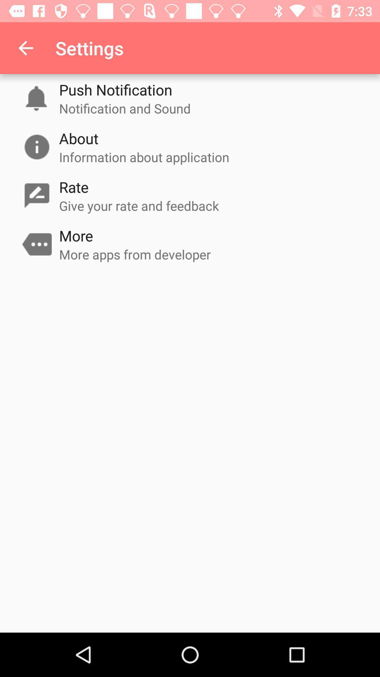 The image size is (380, 677). What do you see at coordinates (115, 89) in the screenshot?
I see `push notification` at bounding box center [115, 89].